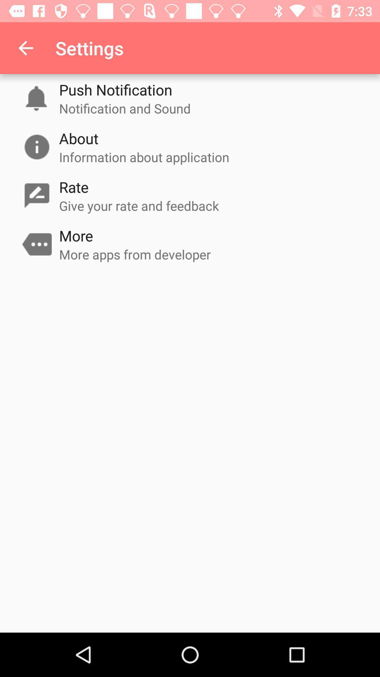 The image size is (380, 677). What do you see at coordinates (115, 89) in the screenshot?
I see `push notification` at bounding box center [115, 89].